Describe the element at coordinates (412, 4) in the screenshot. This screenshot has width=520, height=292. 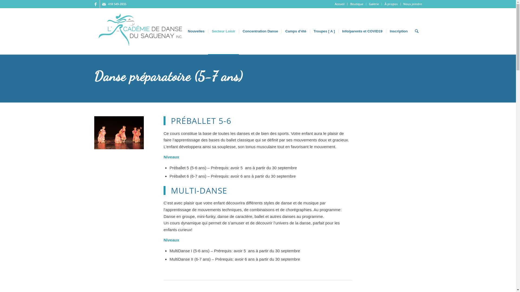
I see `'Nous joindre'` at that location.